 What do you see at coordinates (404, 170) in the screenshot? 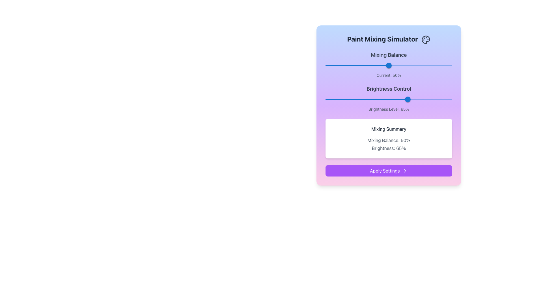
I see `the right-pointing chevron arrow icon, which is displayed in white and positioned at the far-right edge of the 'Apply Settings' button with a purple background` at bounding box center [404, 170].